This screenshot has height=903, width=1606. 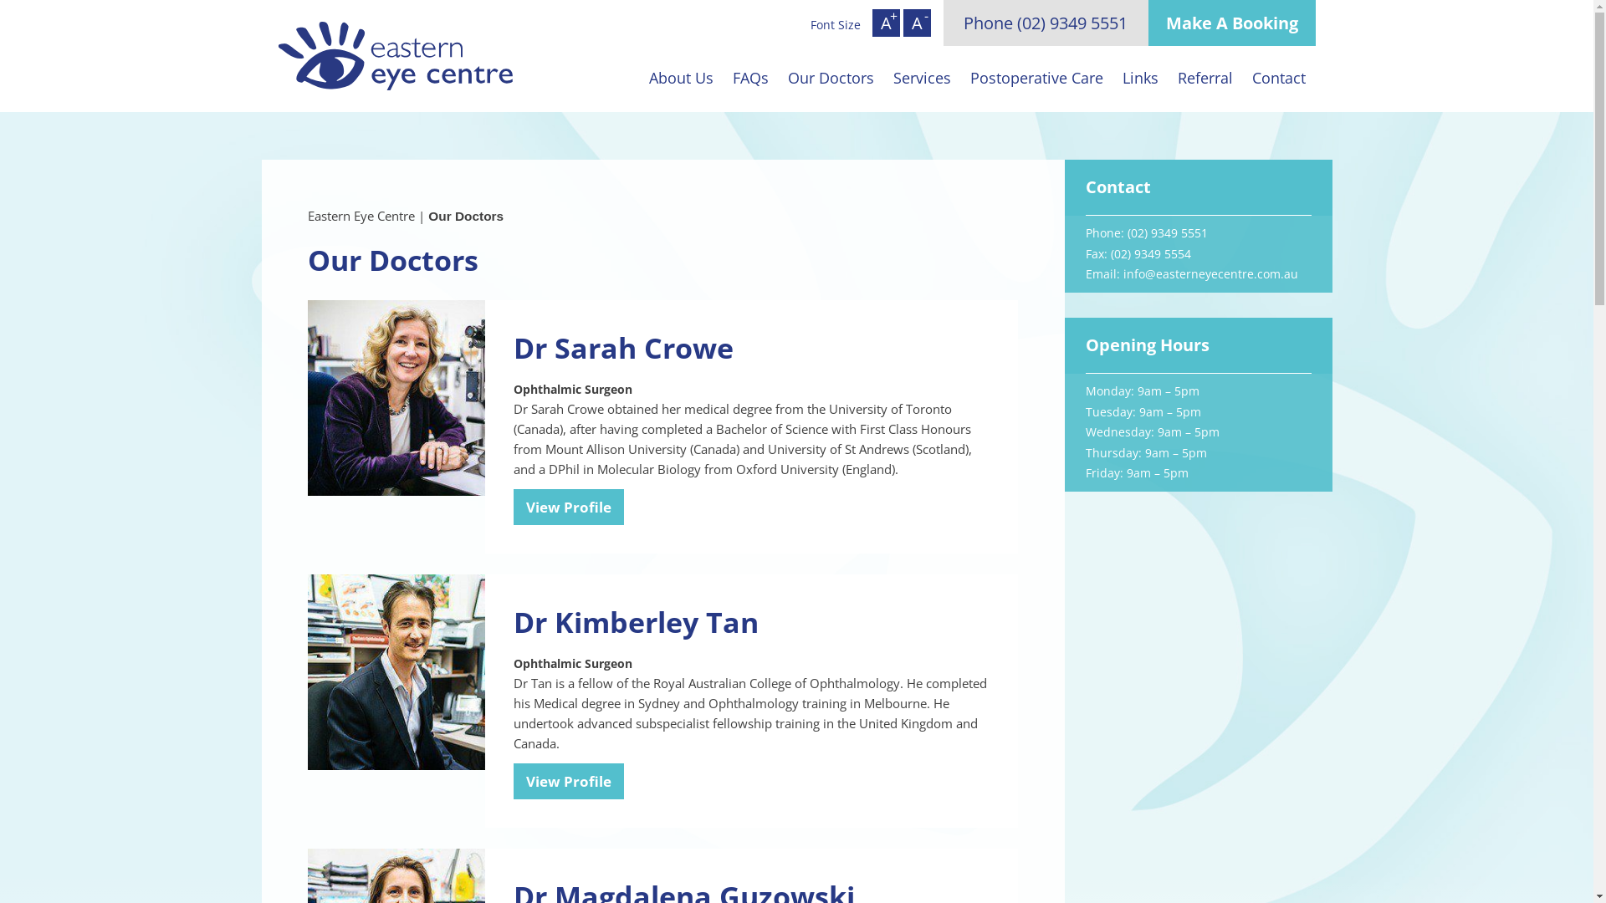 I want to click on 'Referral', so click(x=1204, y=77).